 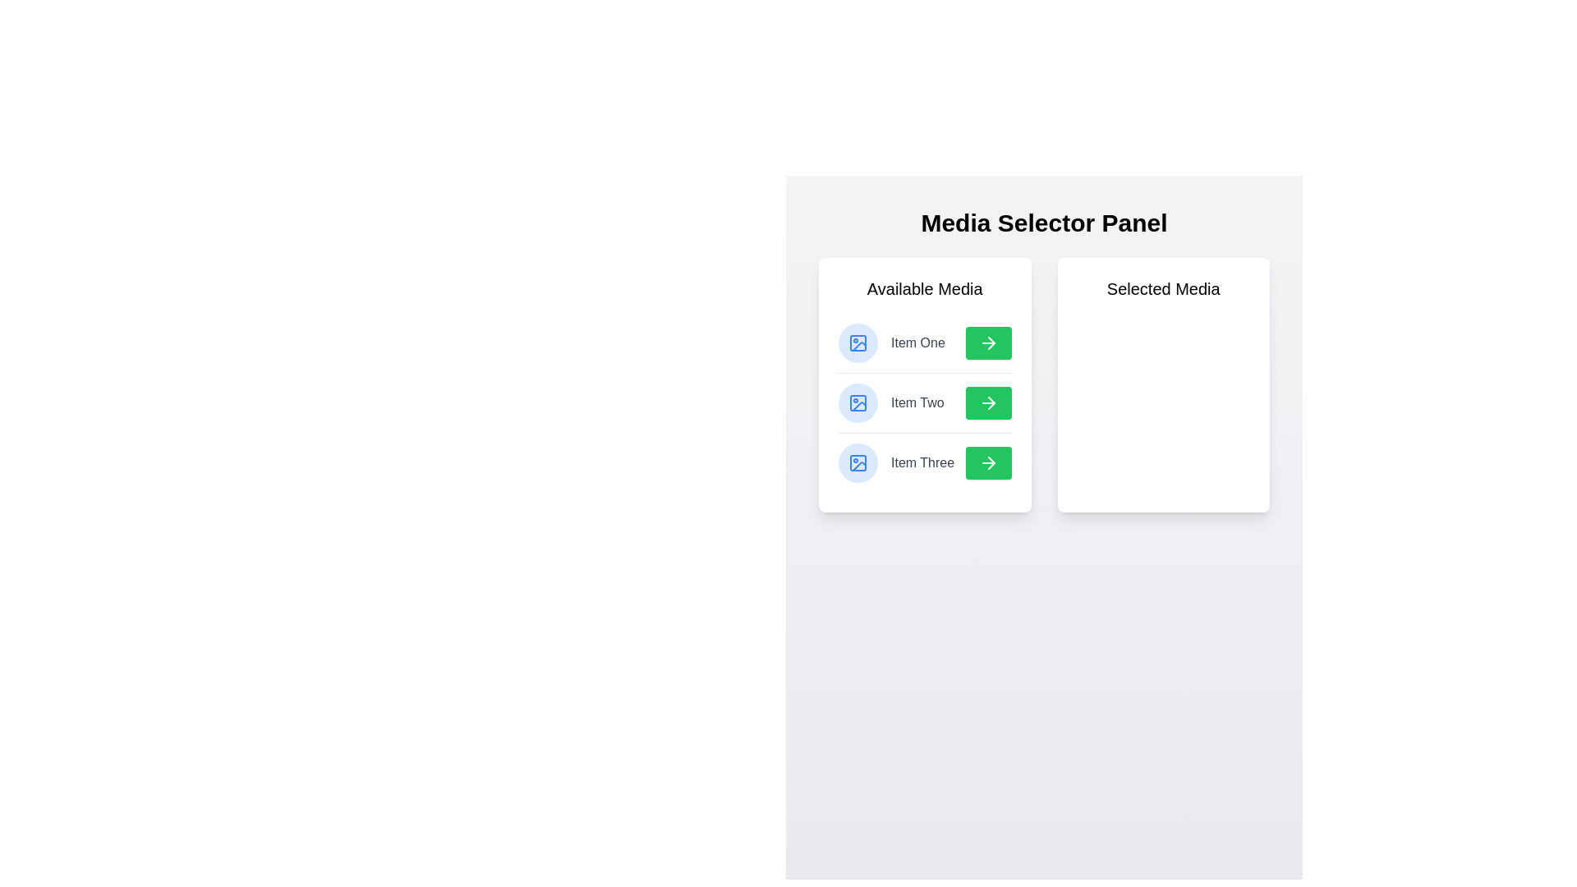 I want to click on the green button with a white arrow icon located in the first row of the 'Available Media' panel, to the right of 'Item One', so click(x=987, y=342).